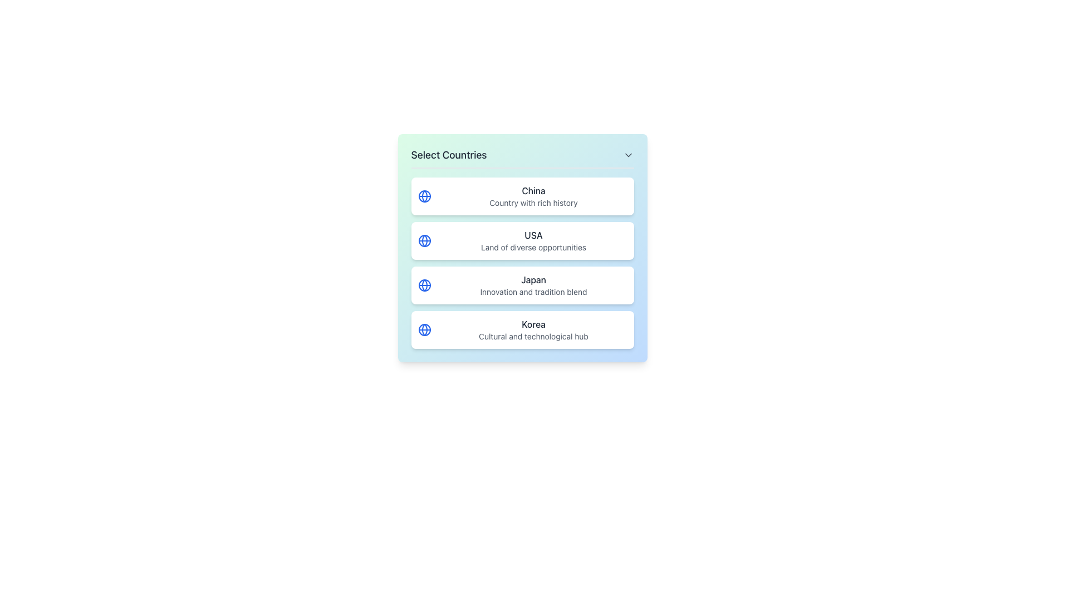  Describe the element at coordinates (522, 329) in the screenshot. I see `the button labeled 'Korea' with a globe icon` at that location.